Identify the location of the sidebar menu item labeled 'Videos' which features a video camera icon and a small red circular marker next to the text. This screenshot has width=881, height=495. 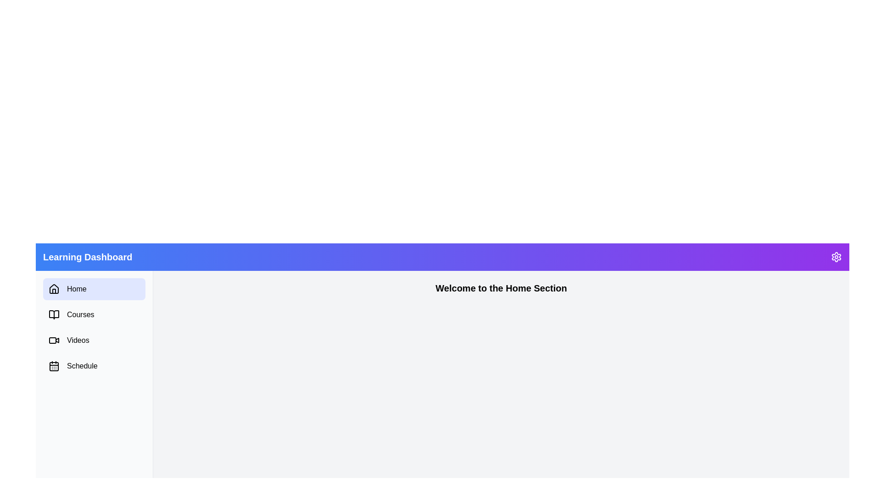
(94, 341).